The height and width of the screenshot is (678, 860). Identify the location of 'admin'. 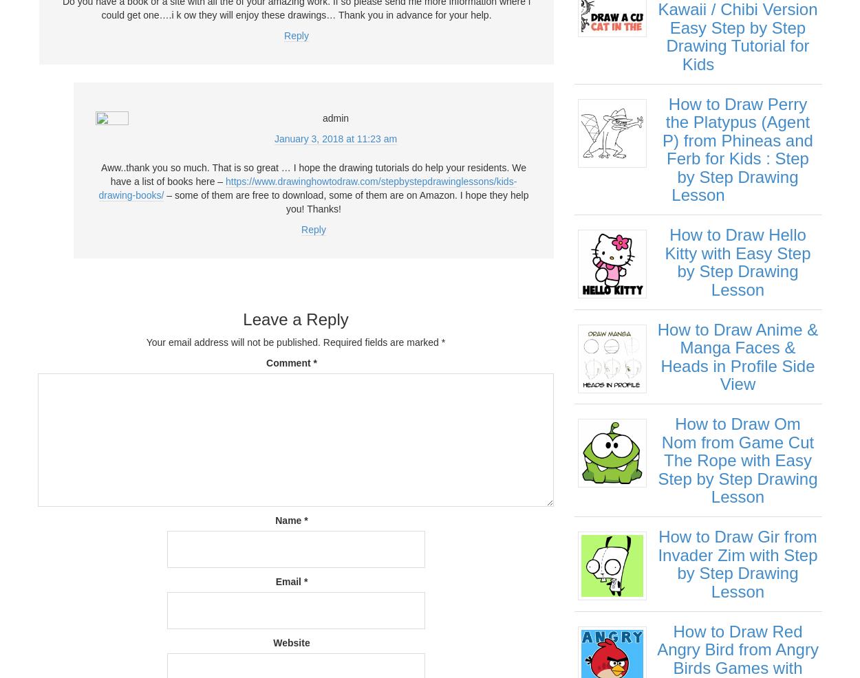
(334, 117).